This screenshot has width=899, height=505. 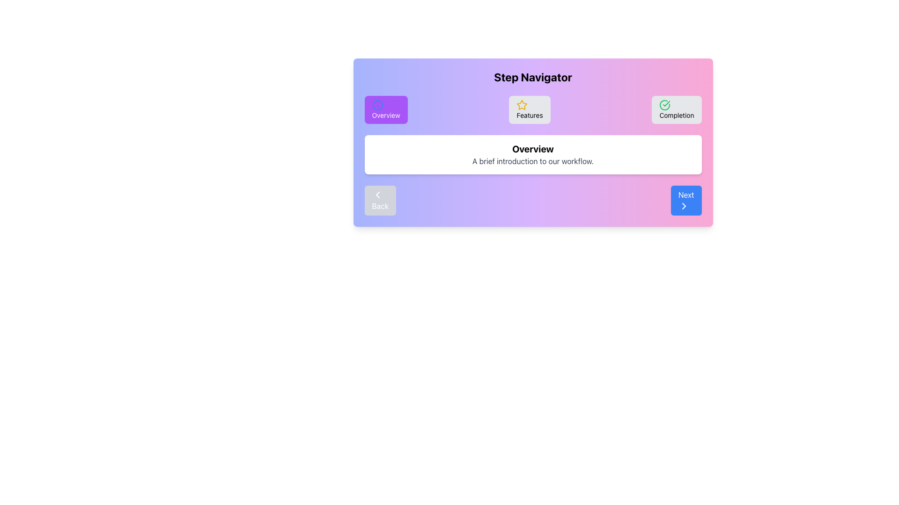 What do you see at coordinates (533, 160) in the screenshot?
I see `the static text located directly below the 'Overview' header, which provides a brief descriptive introduction to the workflow steps` at bounding box center [533, 160].